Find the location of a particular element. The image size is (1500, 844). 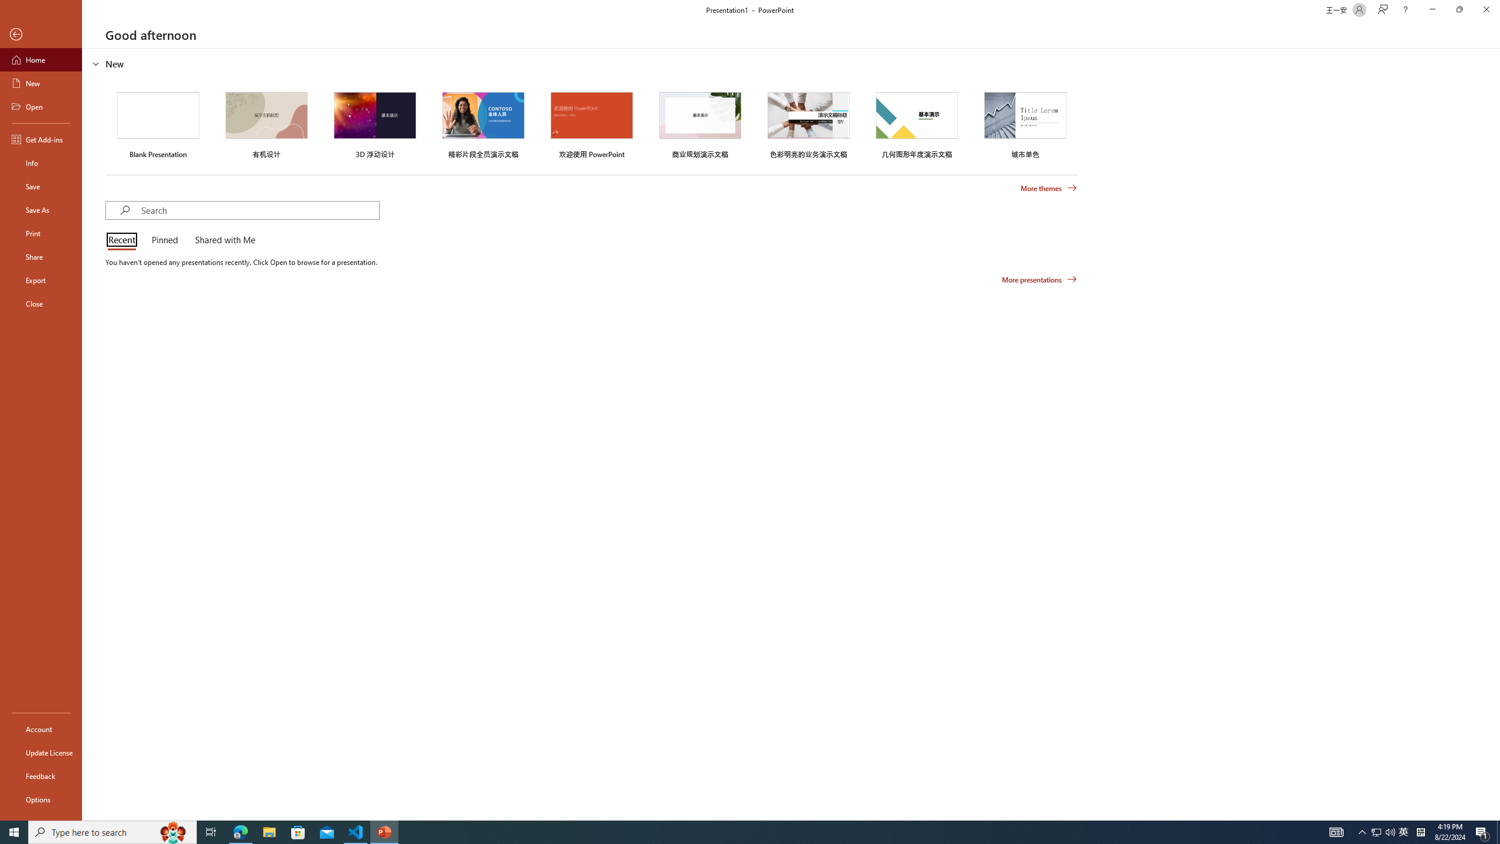

'Feedback' is located at coordinates (40, 776).